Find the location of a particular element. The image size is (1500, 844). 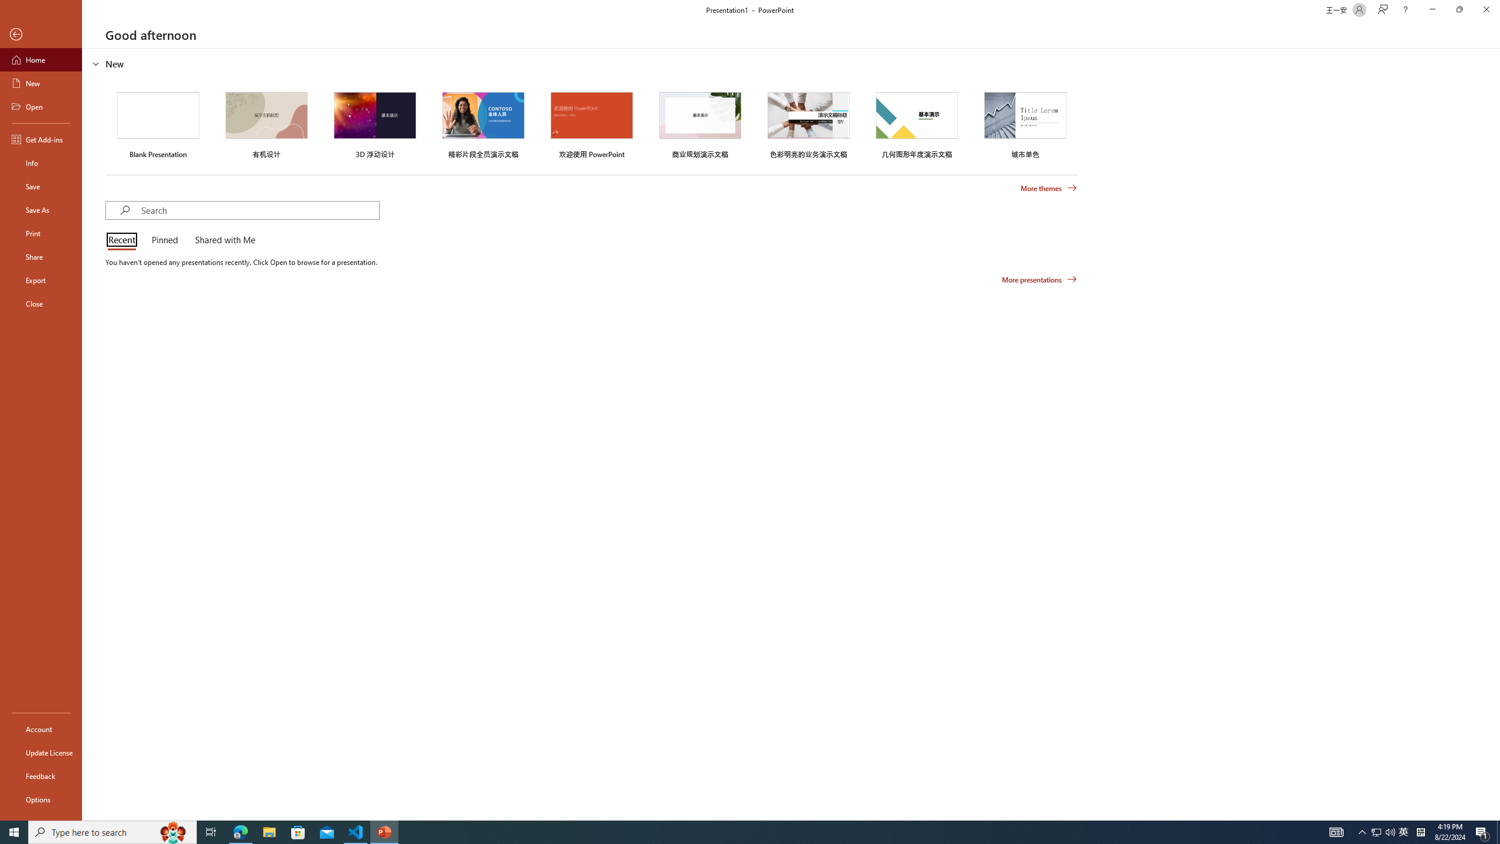

'Feedback' is located at coordinates (40, 776).